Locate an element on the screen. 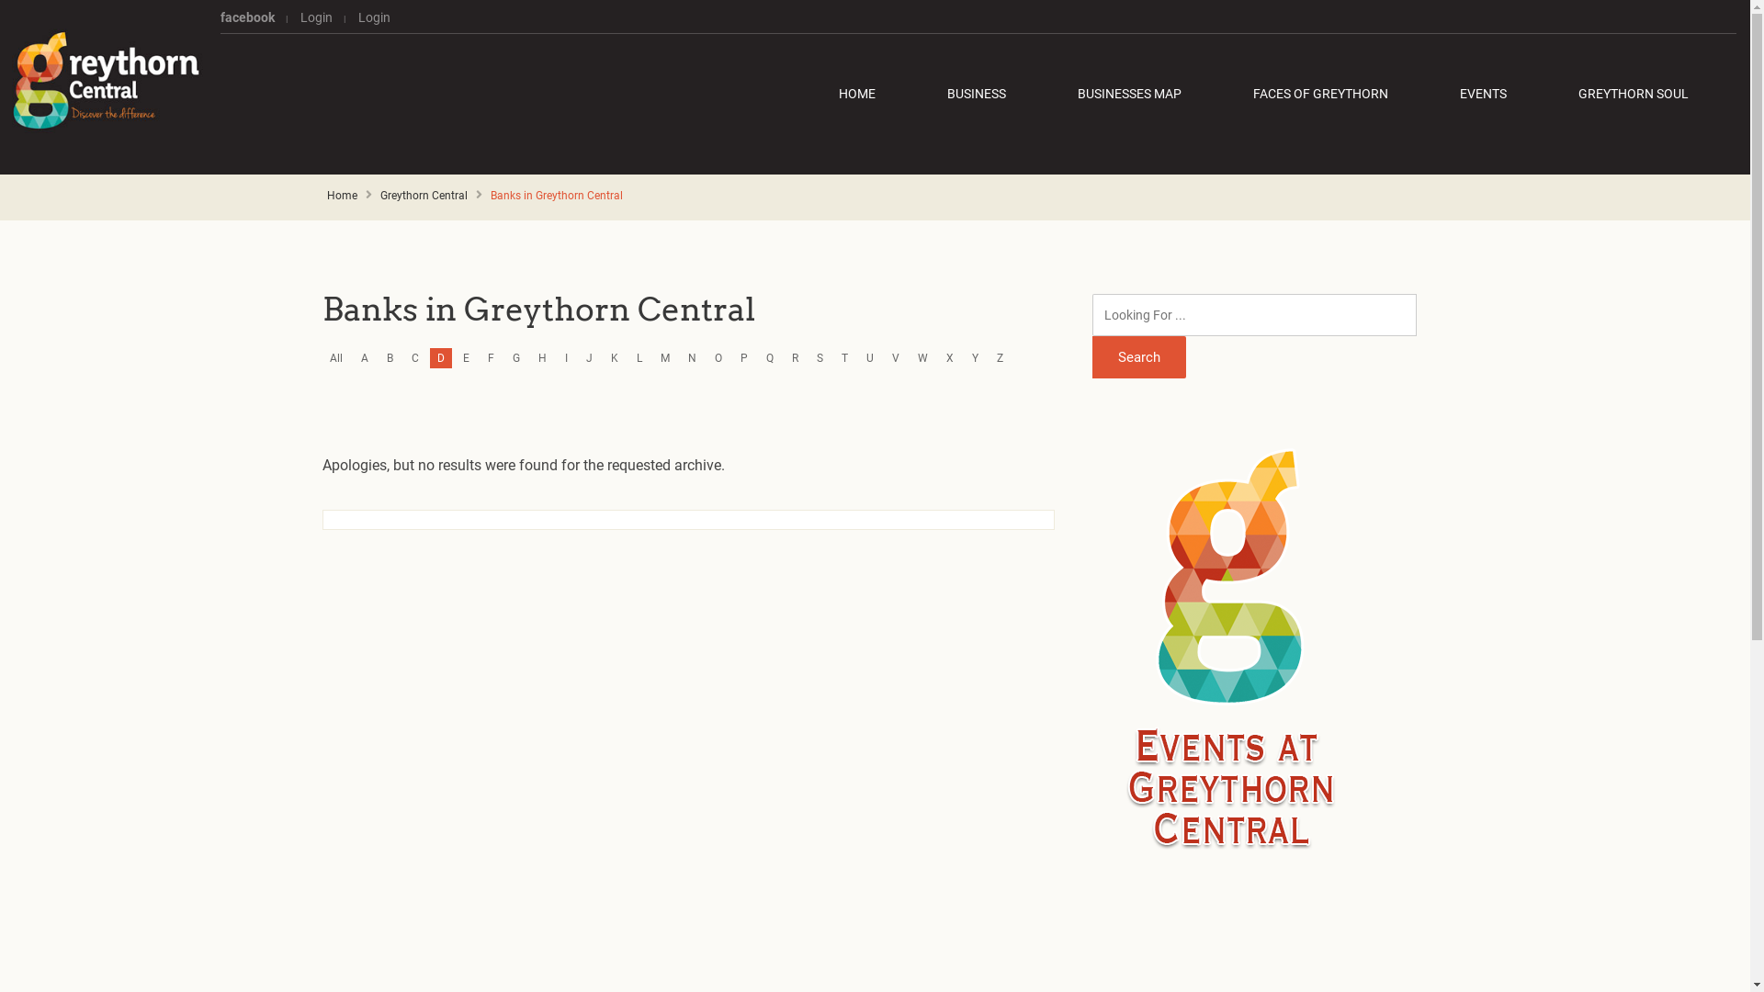  'D' is located at coordinates (441, 357).